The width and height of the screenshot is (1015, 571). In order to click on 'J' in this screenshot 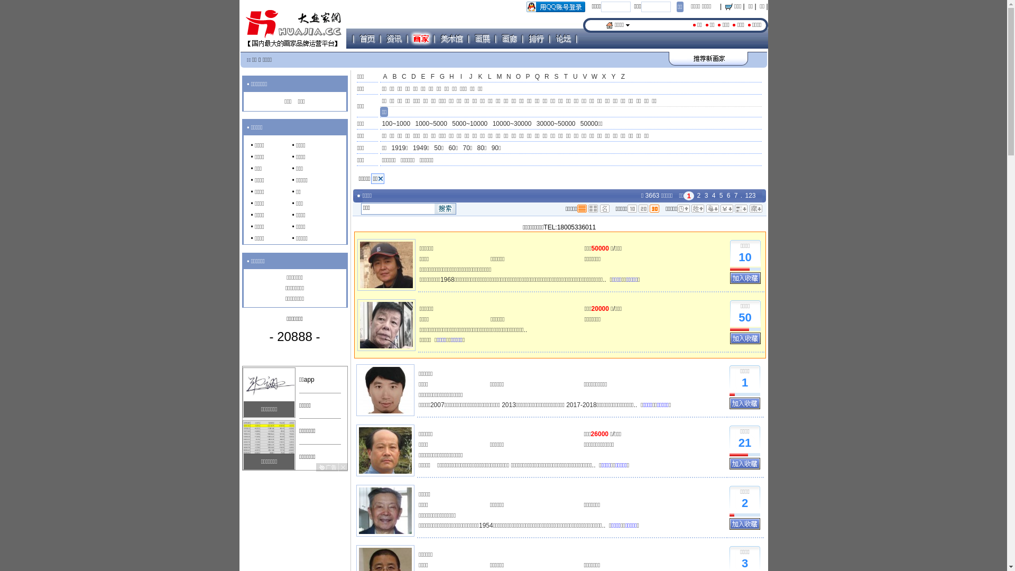, I will do `click(469, 77)`.